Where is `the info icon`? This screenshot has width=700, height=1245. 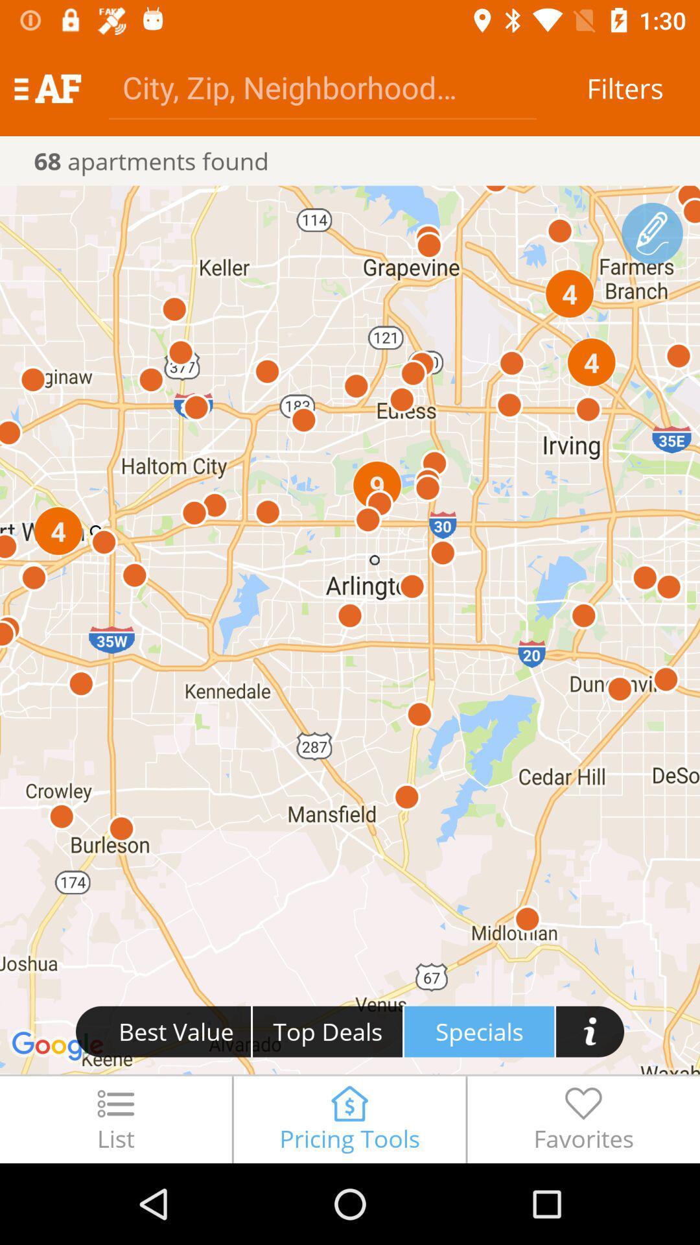
the info icon is located at coordinates (590, 1030).